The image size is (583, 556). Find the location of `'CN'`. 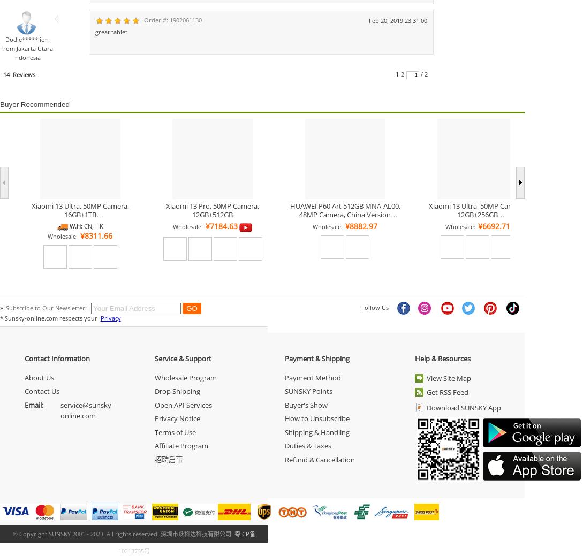

'CN' is located at coordinates (87, 225).